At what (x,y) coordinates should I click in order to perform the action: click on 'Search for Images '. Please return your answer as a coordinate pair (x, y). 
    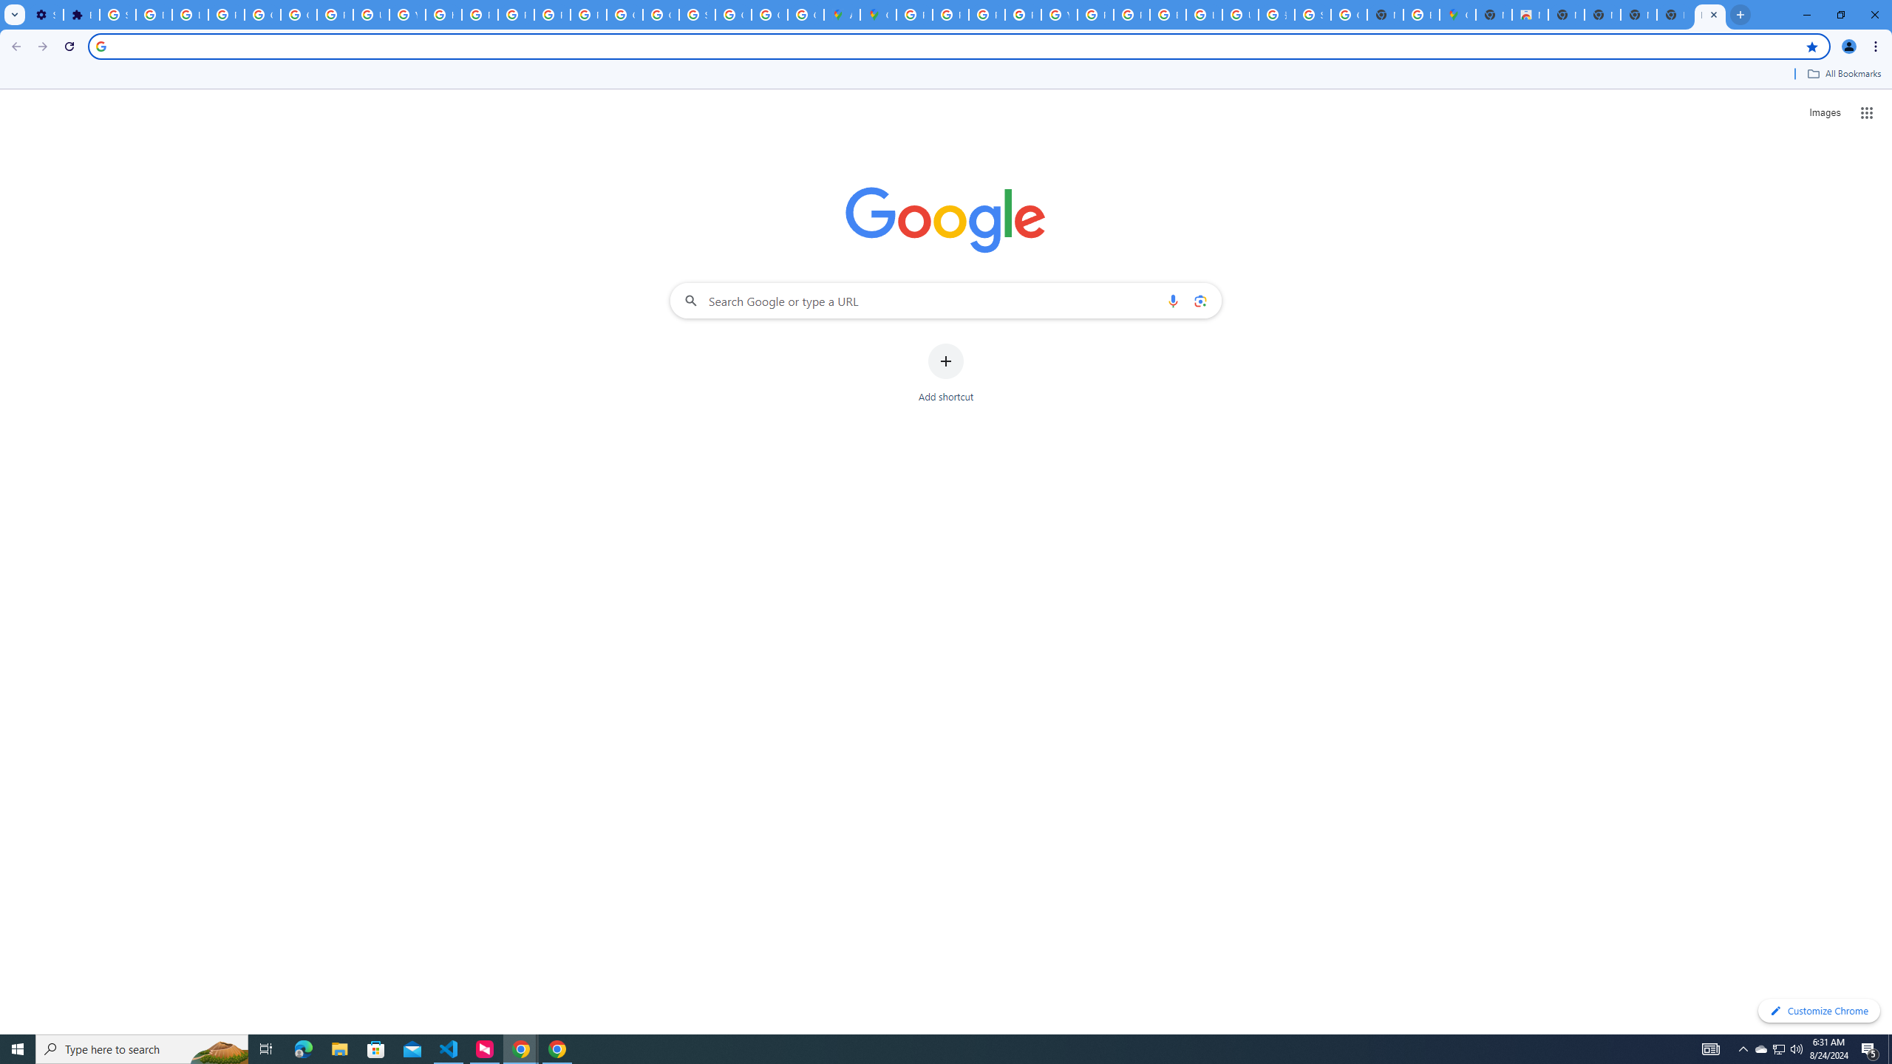
    Looking at the image, I should click on (1825, 113).